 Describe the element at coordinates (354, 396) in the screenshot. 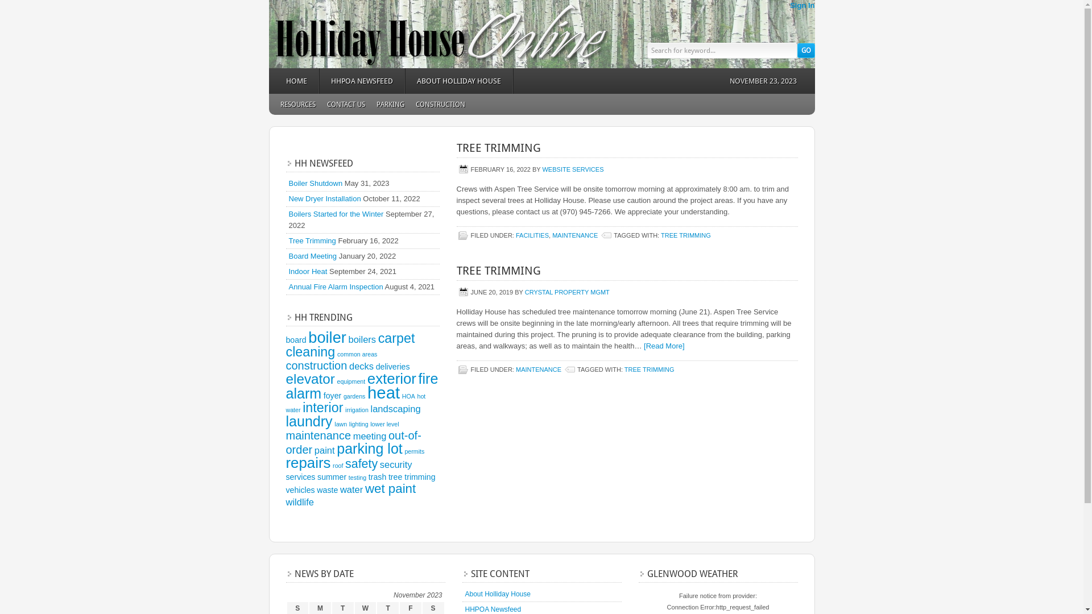

I see `'gardens'` at that location.